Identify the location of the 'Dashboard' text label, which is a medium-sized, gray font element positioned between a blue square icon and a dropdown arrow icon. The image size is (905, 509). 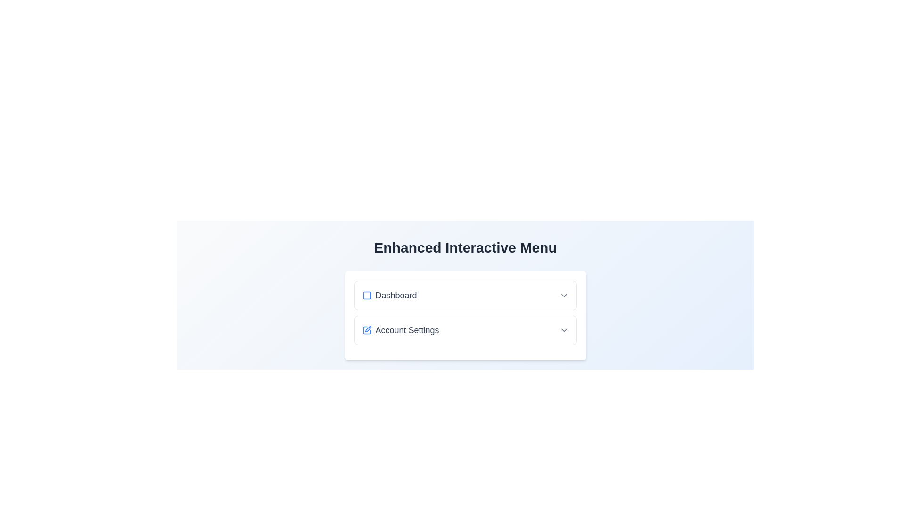
(396, 295).